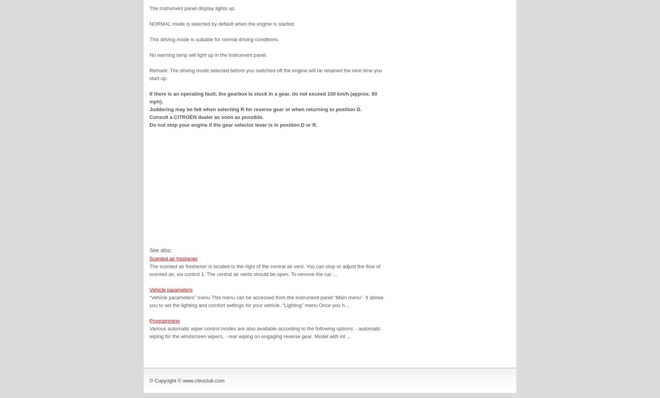  What do you see at coordinates (173, 258) in the screenshot?
I see `'Scented air freshener'` at bounding box center [173, 258].